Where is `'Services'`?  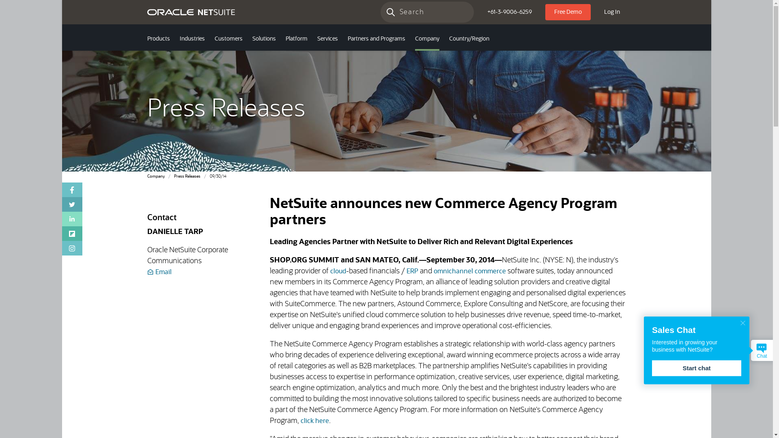
'Services' is located at coordinates (327, 39).